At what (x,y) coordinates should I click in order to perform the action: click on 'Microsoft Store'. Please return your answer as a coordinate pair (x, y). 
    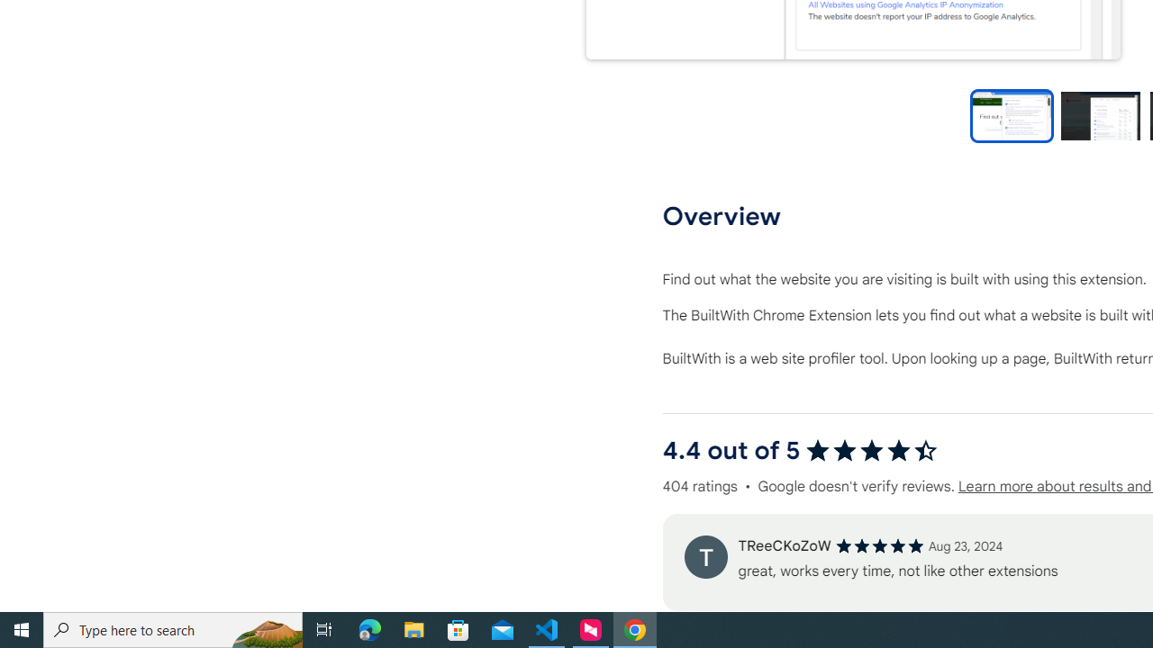
    Looking at the image, I should click on (458, 628).